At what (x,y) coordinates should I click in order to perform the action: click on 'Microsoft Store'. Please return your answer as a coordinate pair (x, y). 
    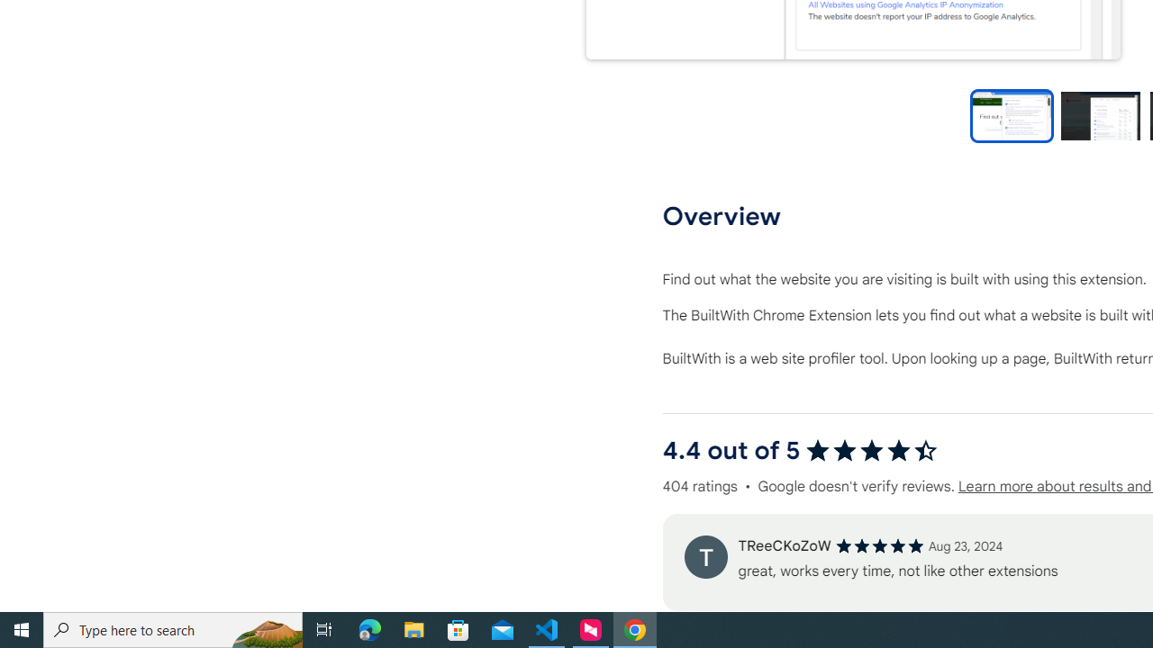
    Looking at the image, I should click on (458, 628).